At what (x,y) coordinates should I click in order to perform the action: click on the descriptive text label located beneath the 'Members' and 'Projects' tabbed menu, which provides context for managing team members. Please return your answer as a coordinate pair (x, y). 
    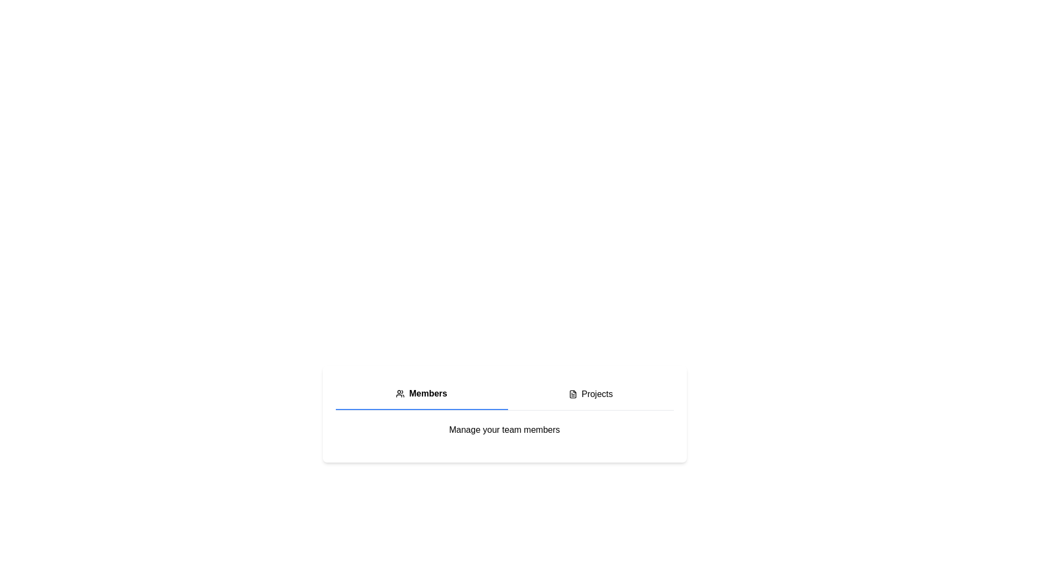
    Looking at the image, I should click on (504, 430).